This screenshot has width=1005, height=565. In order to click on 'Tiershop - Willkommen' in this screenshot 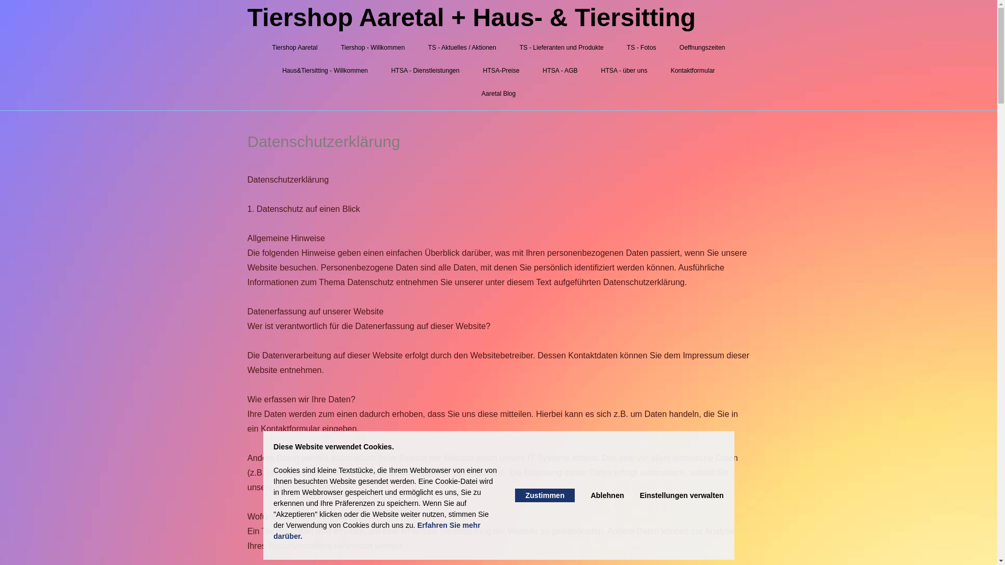, I will do `click(372, 48)`.